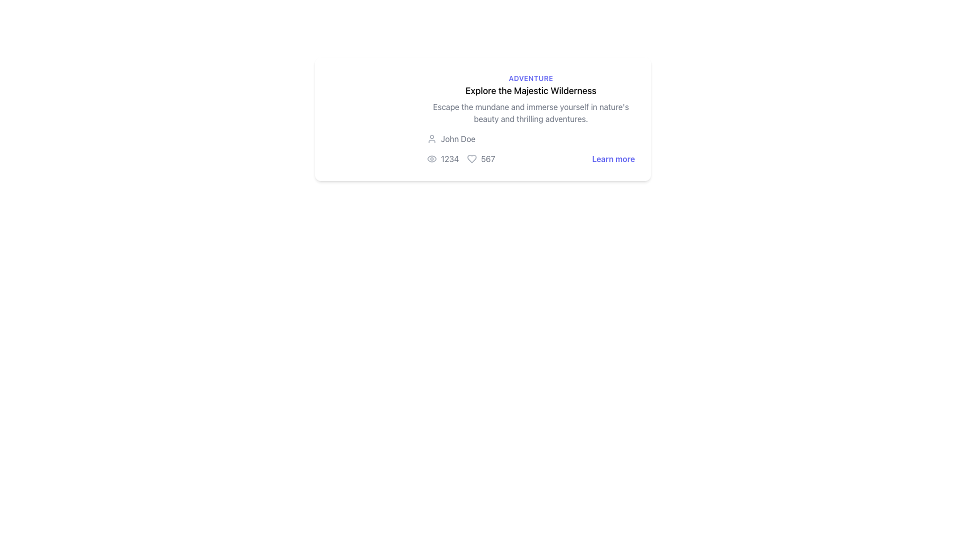 The width and height of the screenshot is (960, 540). What do you see at coordinates (449, 158) in the screenshot?
I see `text content displayed in the numeric statistic located between an eye icon and another numeric value in a horizontally aligned group of components` at bounding box center [449, 158].